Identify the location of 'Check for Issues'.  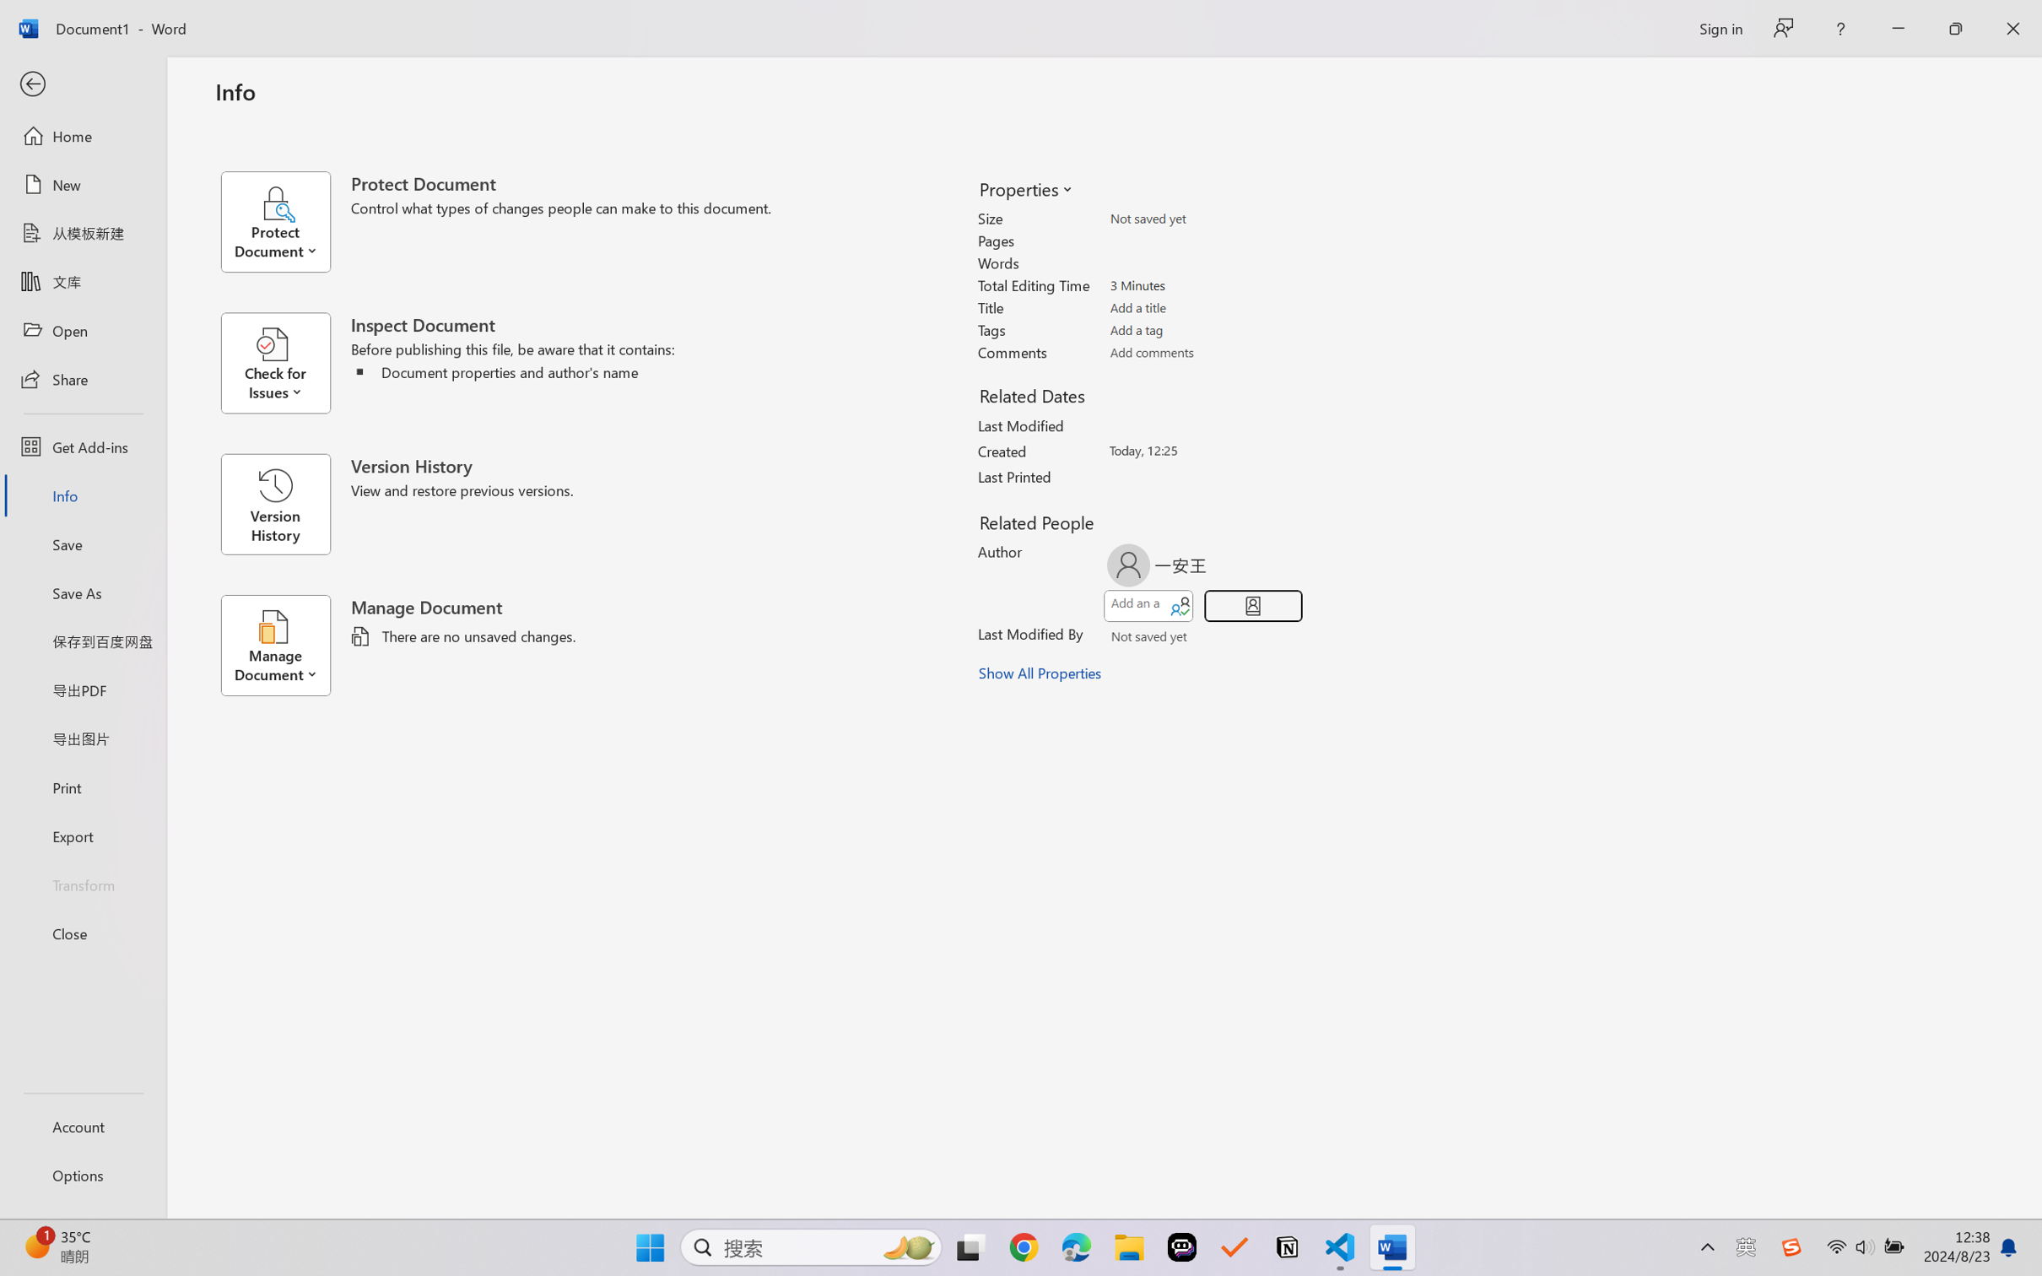
(284, 362).